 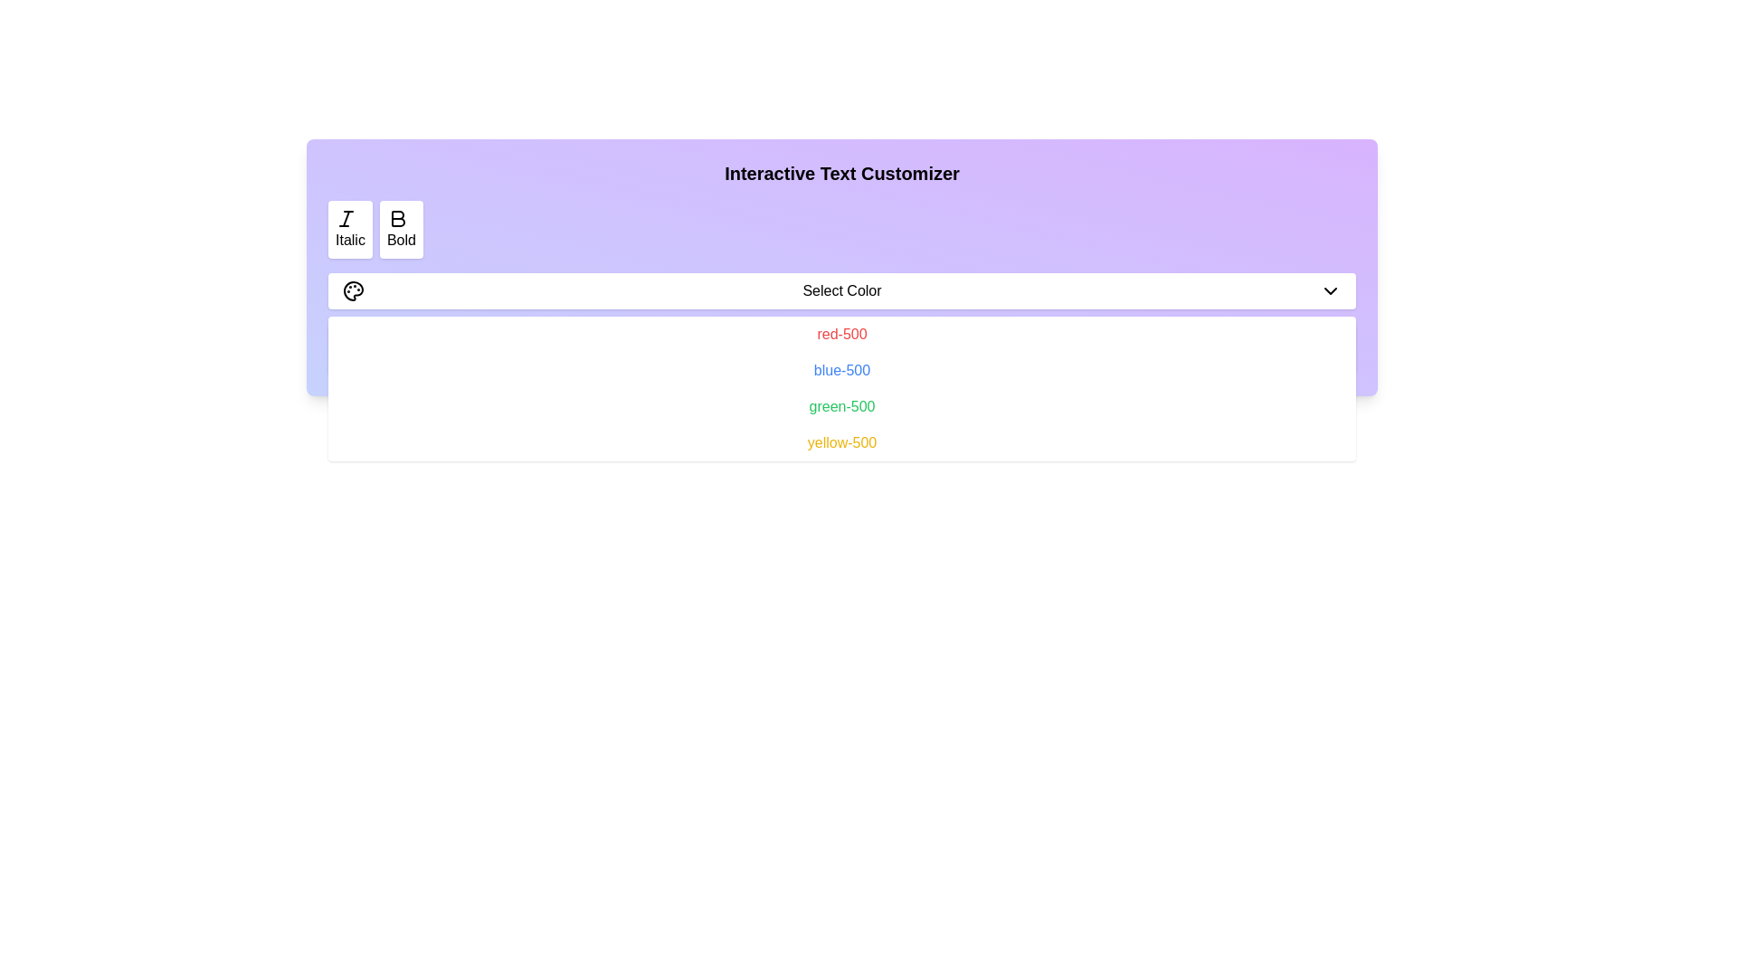 What do you see at coordinates (841, 442) in the screenshot?
I see `the yellow color option in the dropdown menu` at bounding box center [841, 442].